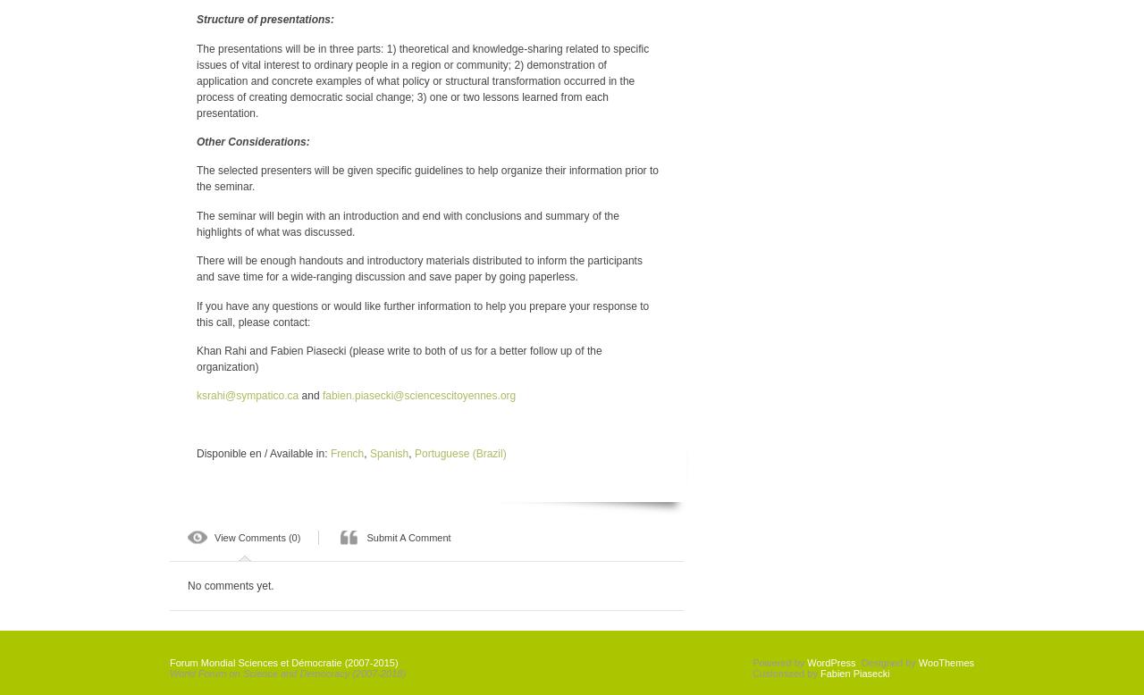 The image size is (1144, 695). What do you see at coordinates (330, 453) in the screenshot?
I see `'French'` at bounding box center [330, 453].